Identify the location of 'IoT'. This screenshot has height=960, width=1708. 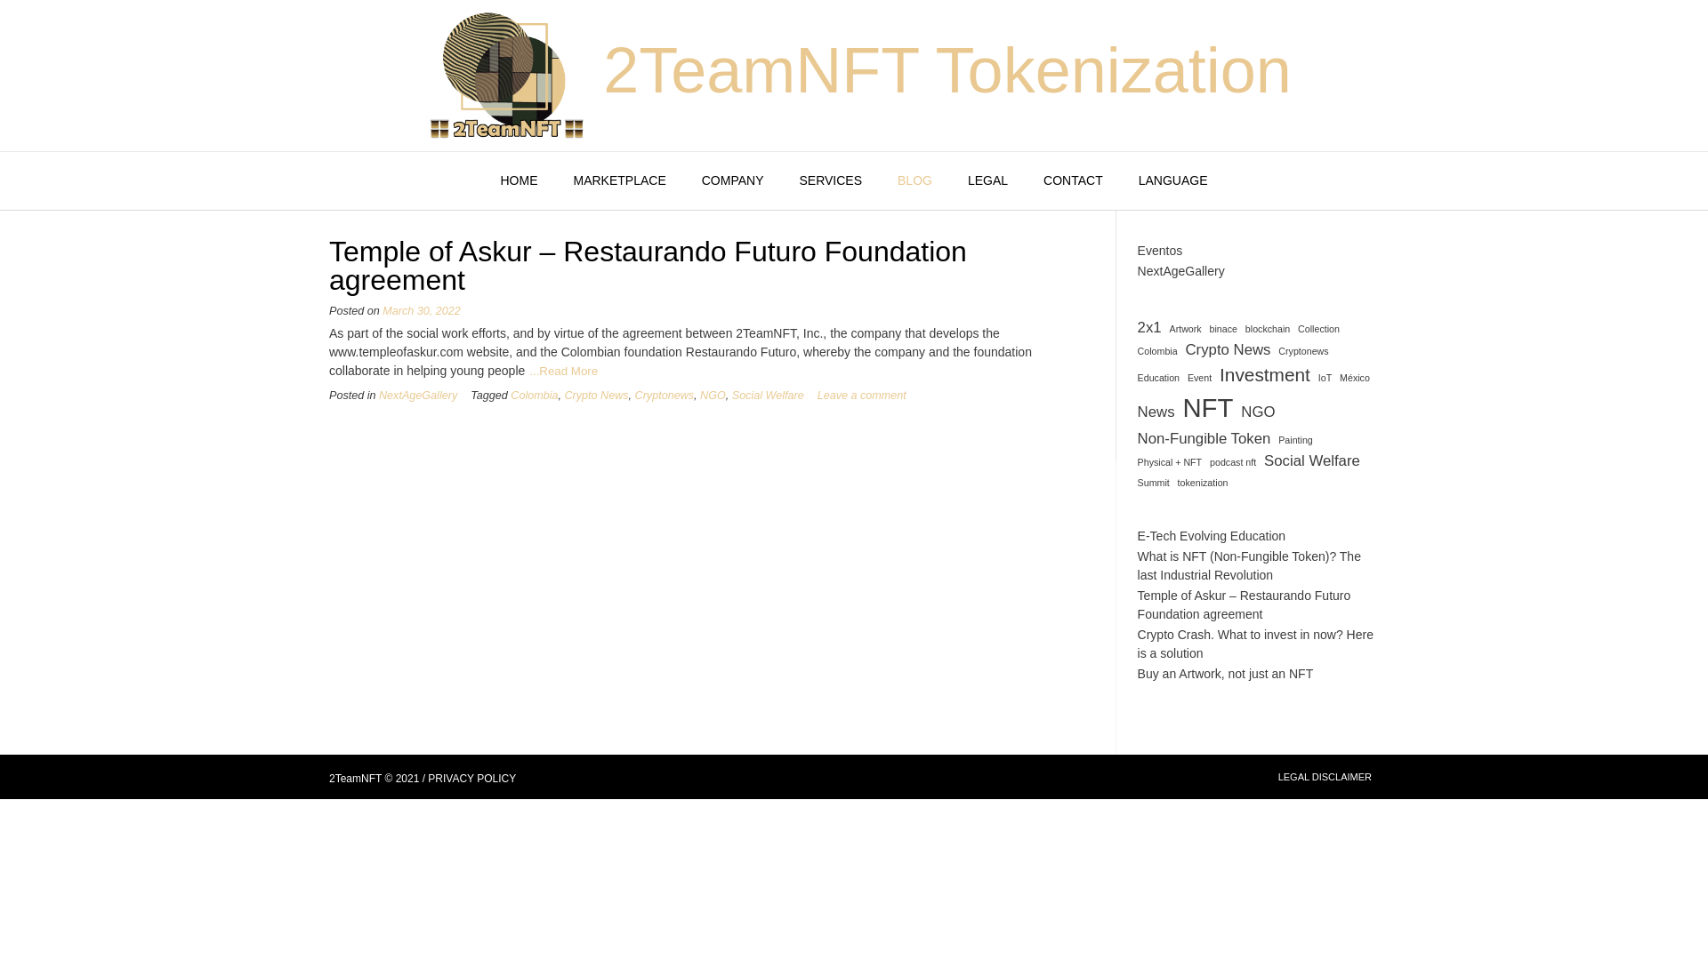
(1325, 376).